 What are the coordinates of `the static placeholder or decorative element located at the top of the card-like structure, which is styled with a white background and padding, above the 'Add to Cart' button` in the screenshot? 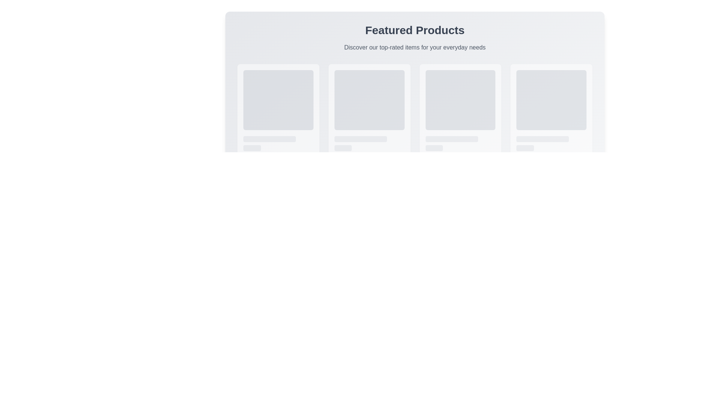 It's located at (551, 99).